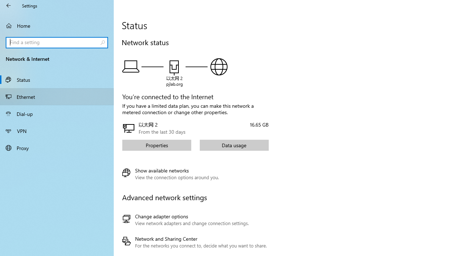  Describe the element at coordinates (57, 42) in the screenshot. I see `'Search box, Find a setting'` at that location.